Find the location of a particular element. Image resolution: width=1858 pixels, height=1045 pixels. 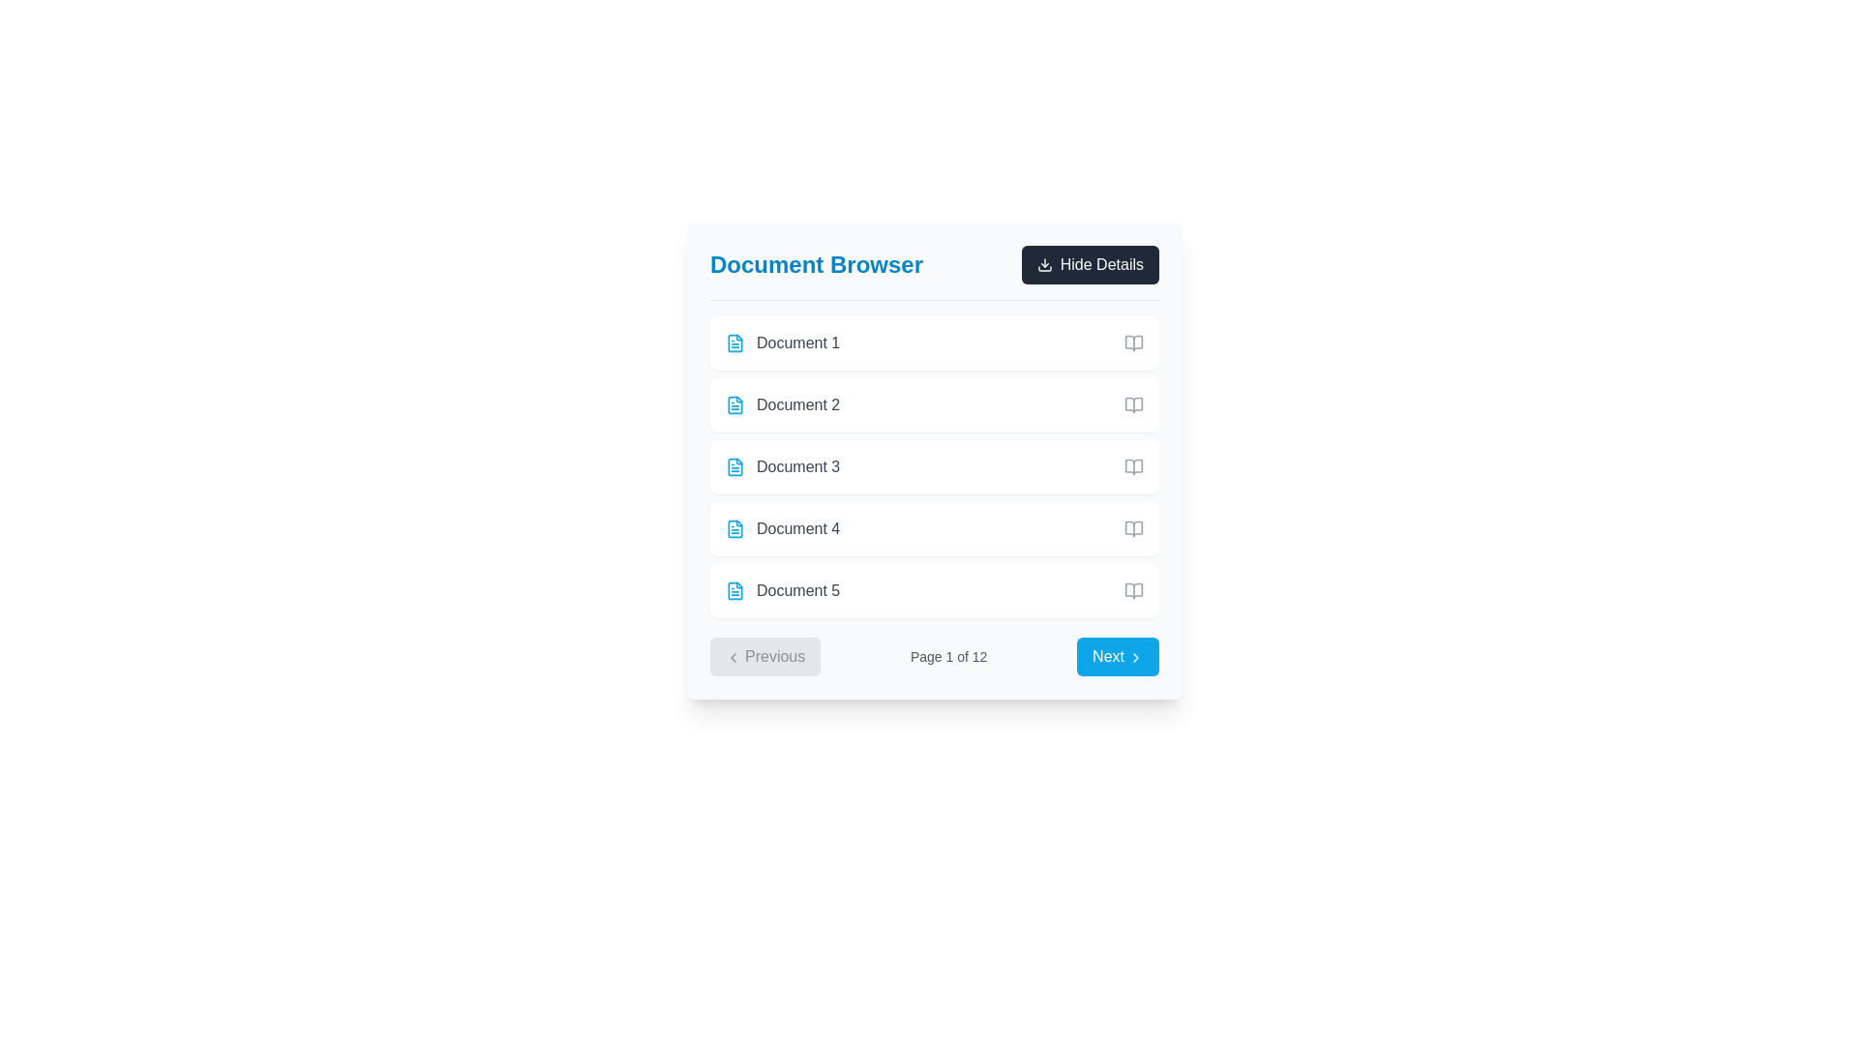

the navigation icon located to the right of the 'Next' text within the blue button in the lower-right corner of the interface is located at coordinates (1136, 655).